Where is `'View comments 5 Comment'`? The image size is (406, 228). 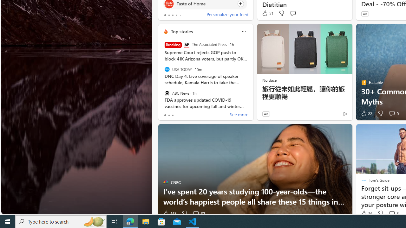
'View comments 5 Comment' is located at coordinates (393, 113).